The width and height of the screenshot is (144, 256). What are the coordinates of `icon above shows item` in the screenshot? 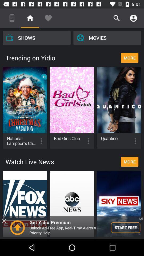 It's located at (12, 18).